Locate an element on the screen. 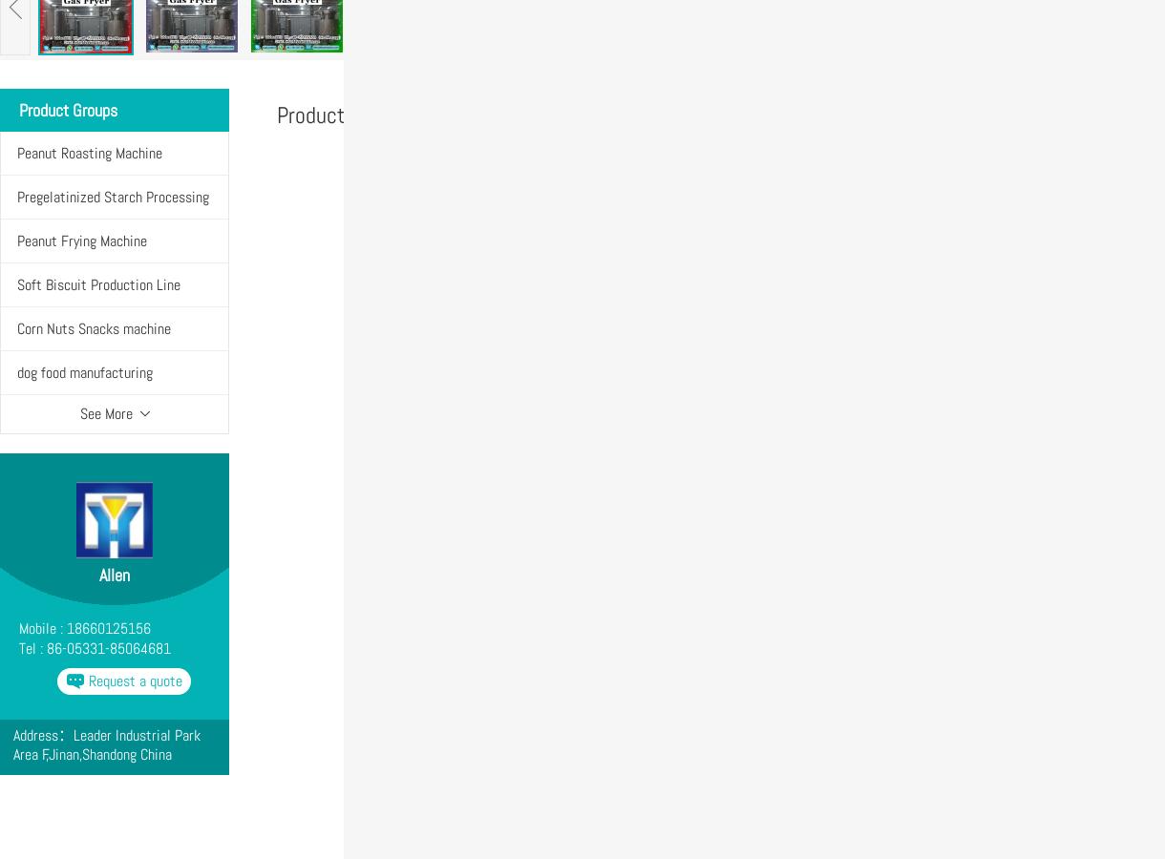  'Address：Leader Industrial Park Area F,Jinan,Shandong China' is located at coordinates (106, 744).